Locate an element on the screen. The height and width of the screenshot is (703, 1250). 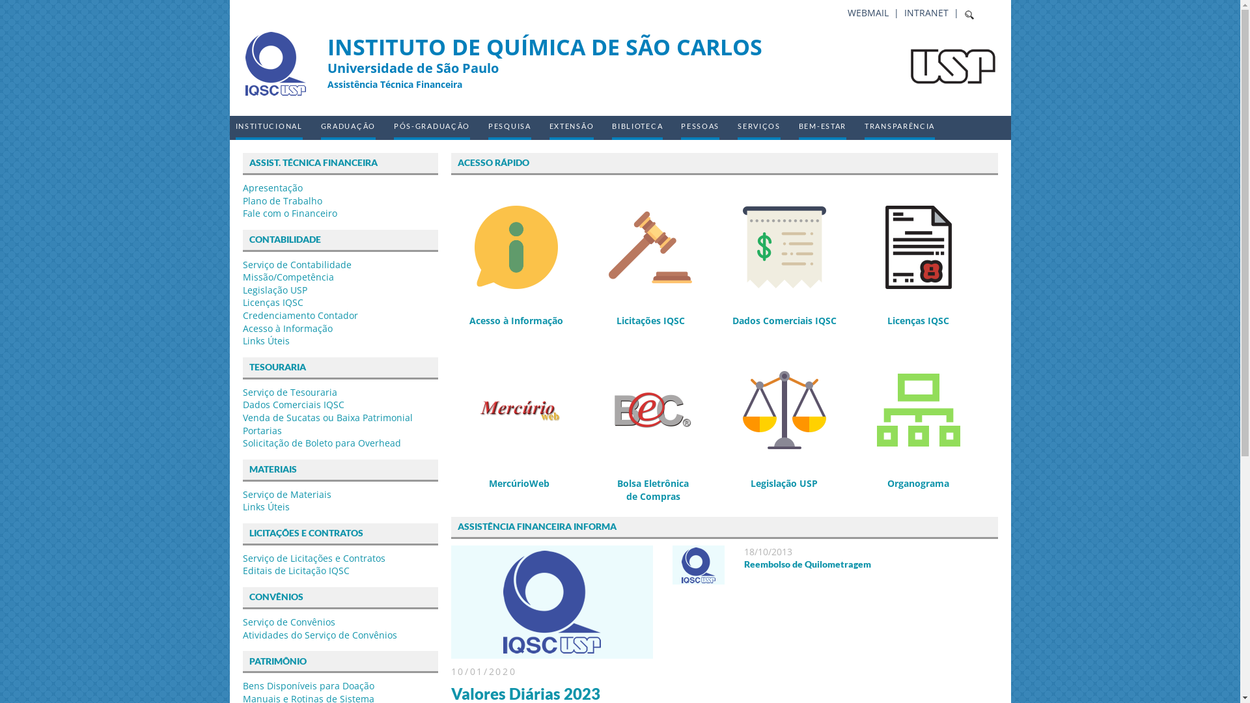
'Fale com o Financeiro' is located at coordinates (242, 212).